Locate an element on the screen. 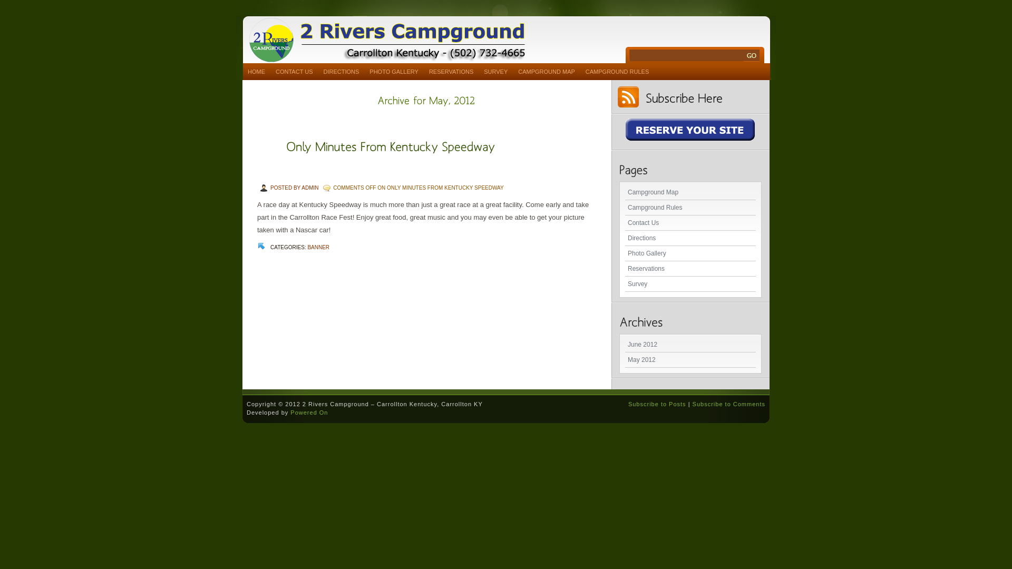 This screenshot has width=1012, height=569. 'Powered On' is located at coordinates (308, 412).